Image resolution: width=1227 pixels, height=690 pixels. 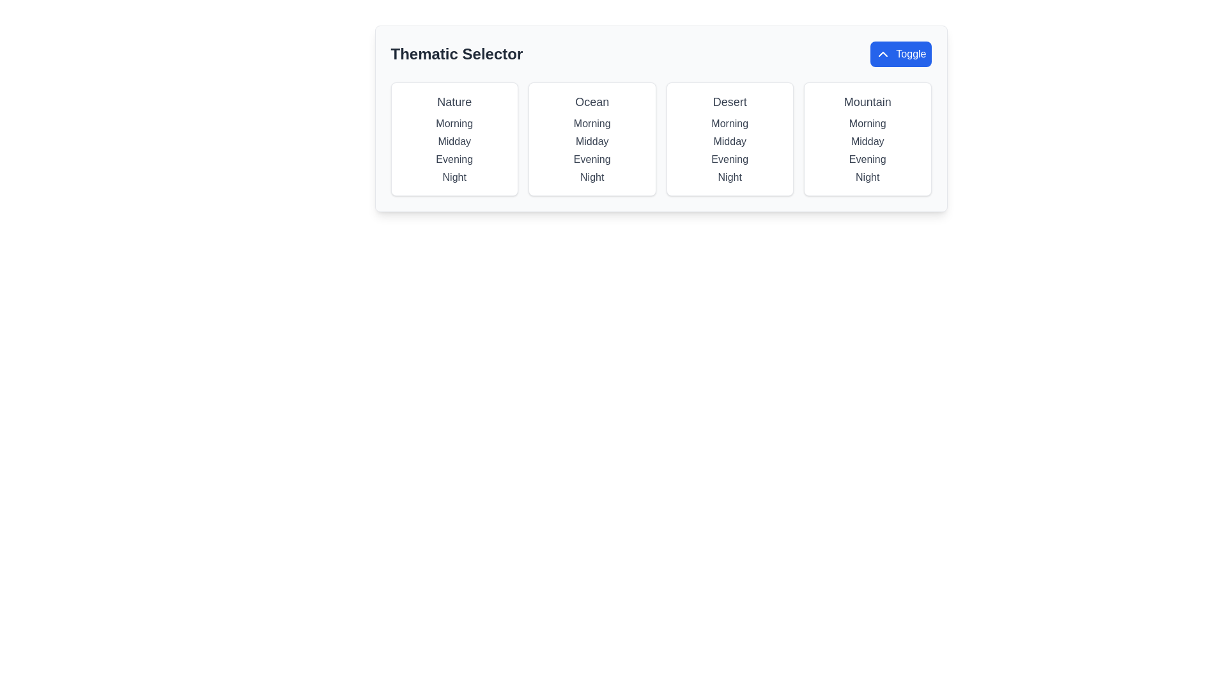 I want to click on the text label displaying 'Morning' which is the first item, so click(x=591, y=123).